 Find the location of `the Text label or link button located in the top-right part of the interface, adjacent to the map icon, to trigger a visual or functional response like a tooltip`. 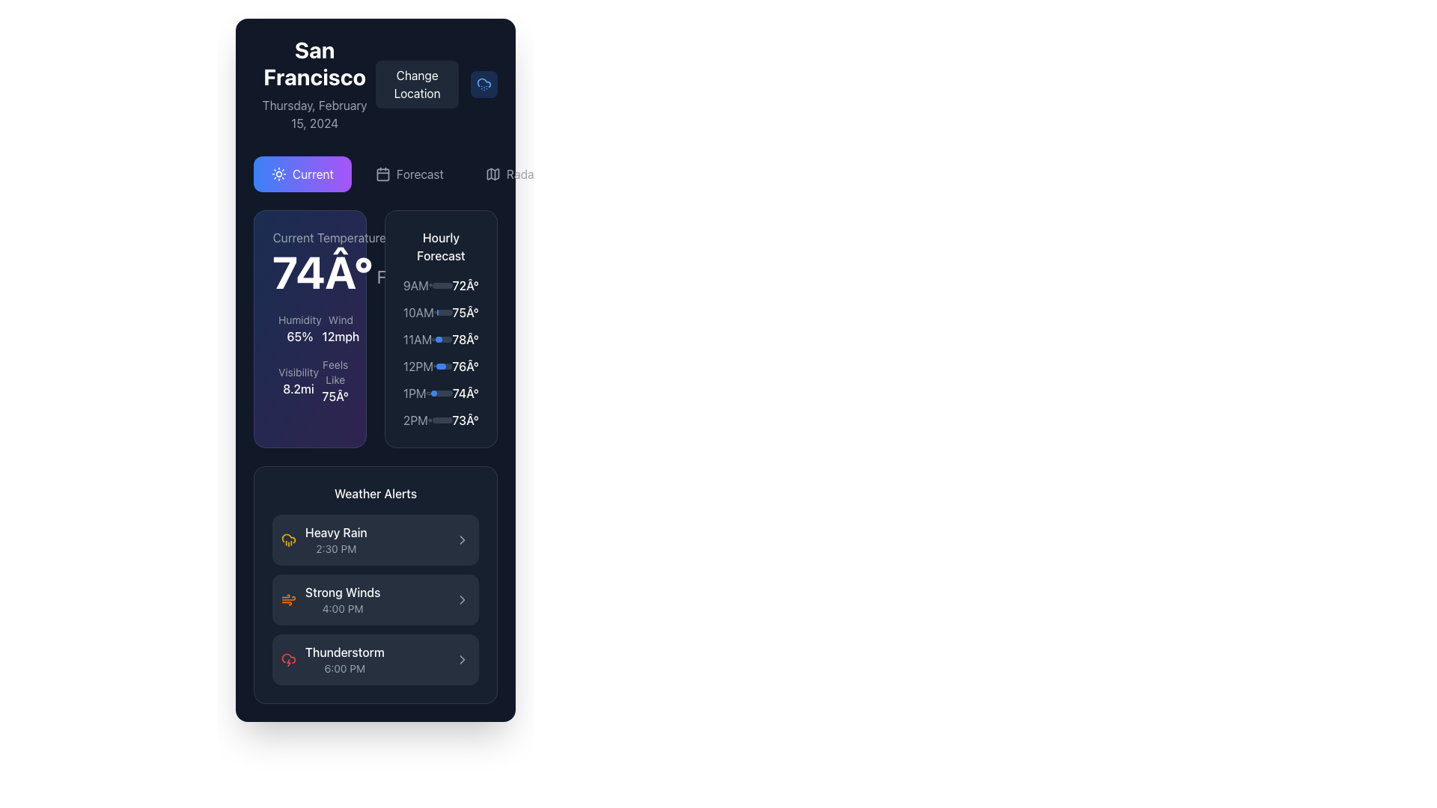

the Text label or link button located in the top-right part of the interface, adjacent to the map icon, to trigger a visual or functional response like a tooltip is located at coordinates (522, 173).